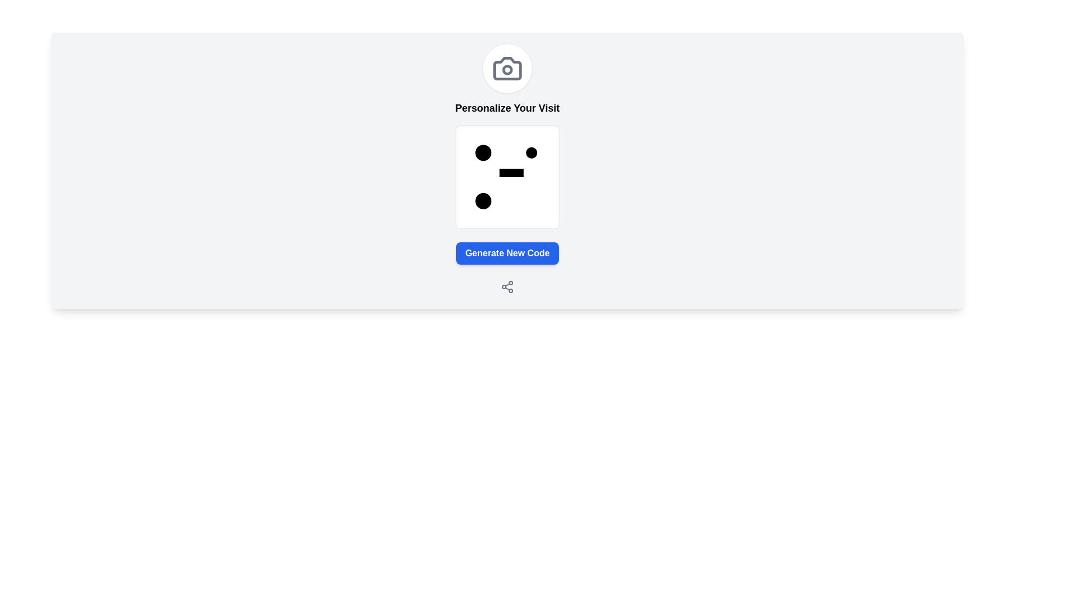  What do you see at coordinates (506, 286) in the screenshot?
I see `the share icon, which is depicted by three interconnected circles within a light-gray rounded button, located below the 'Generate New Code' button` at bounding box center [506, 286].